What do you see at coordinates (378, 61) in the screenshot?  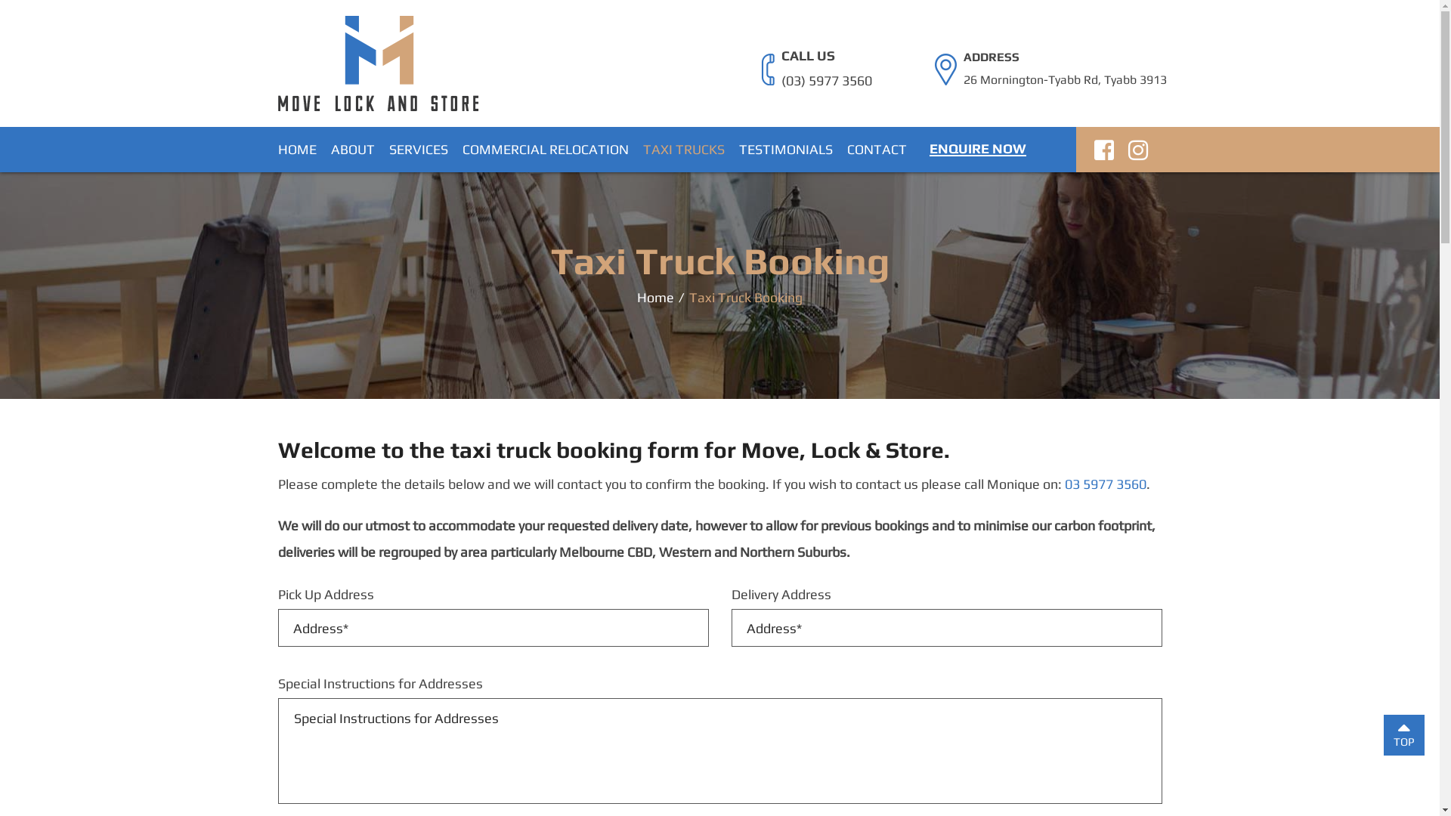 I see `'Move Lock and Store'` at bounding box center [378, 61].